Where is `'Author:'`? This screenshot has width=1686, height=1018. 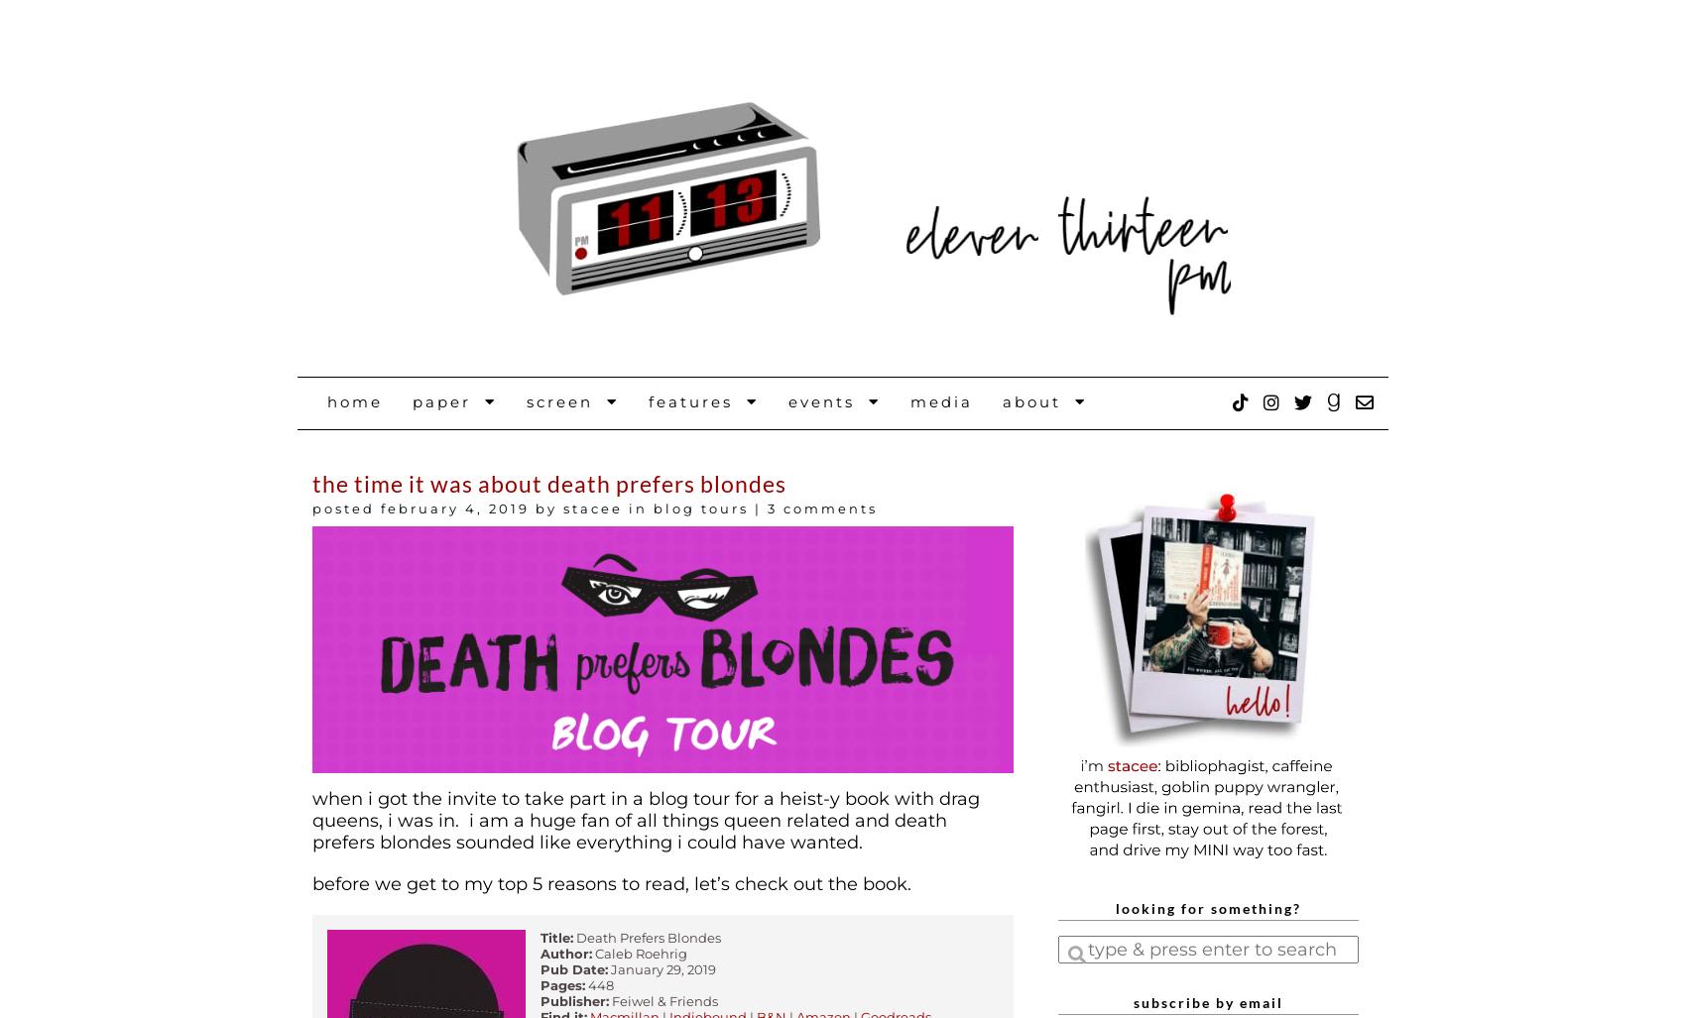 'Author:' is located at coordinates (565, 952).